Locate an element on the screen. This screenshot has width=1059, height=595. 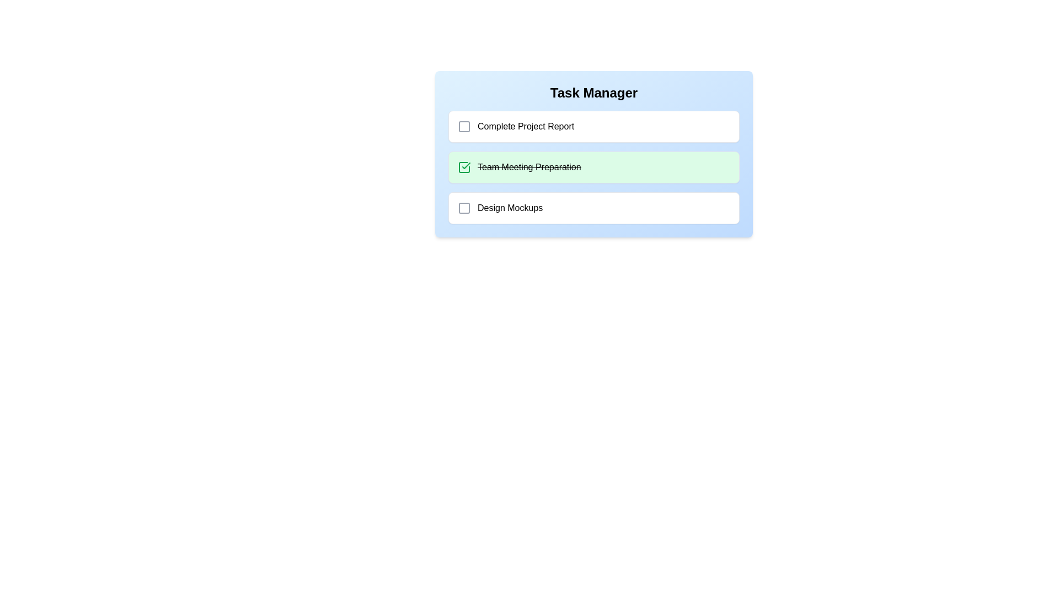
the gray square icon with a rounded stroke located to the left of the text 'Design Mockups' in the task list to interact with the associated task is located at coordinates (464, 208).